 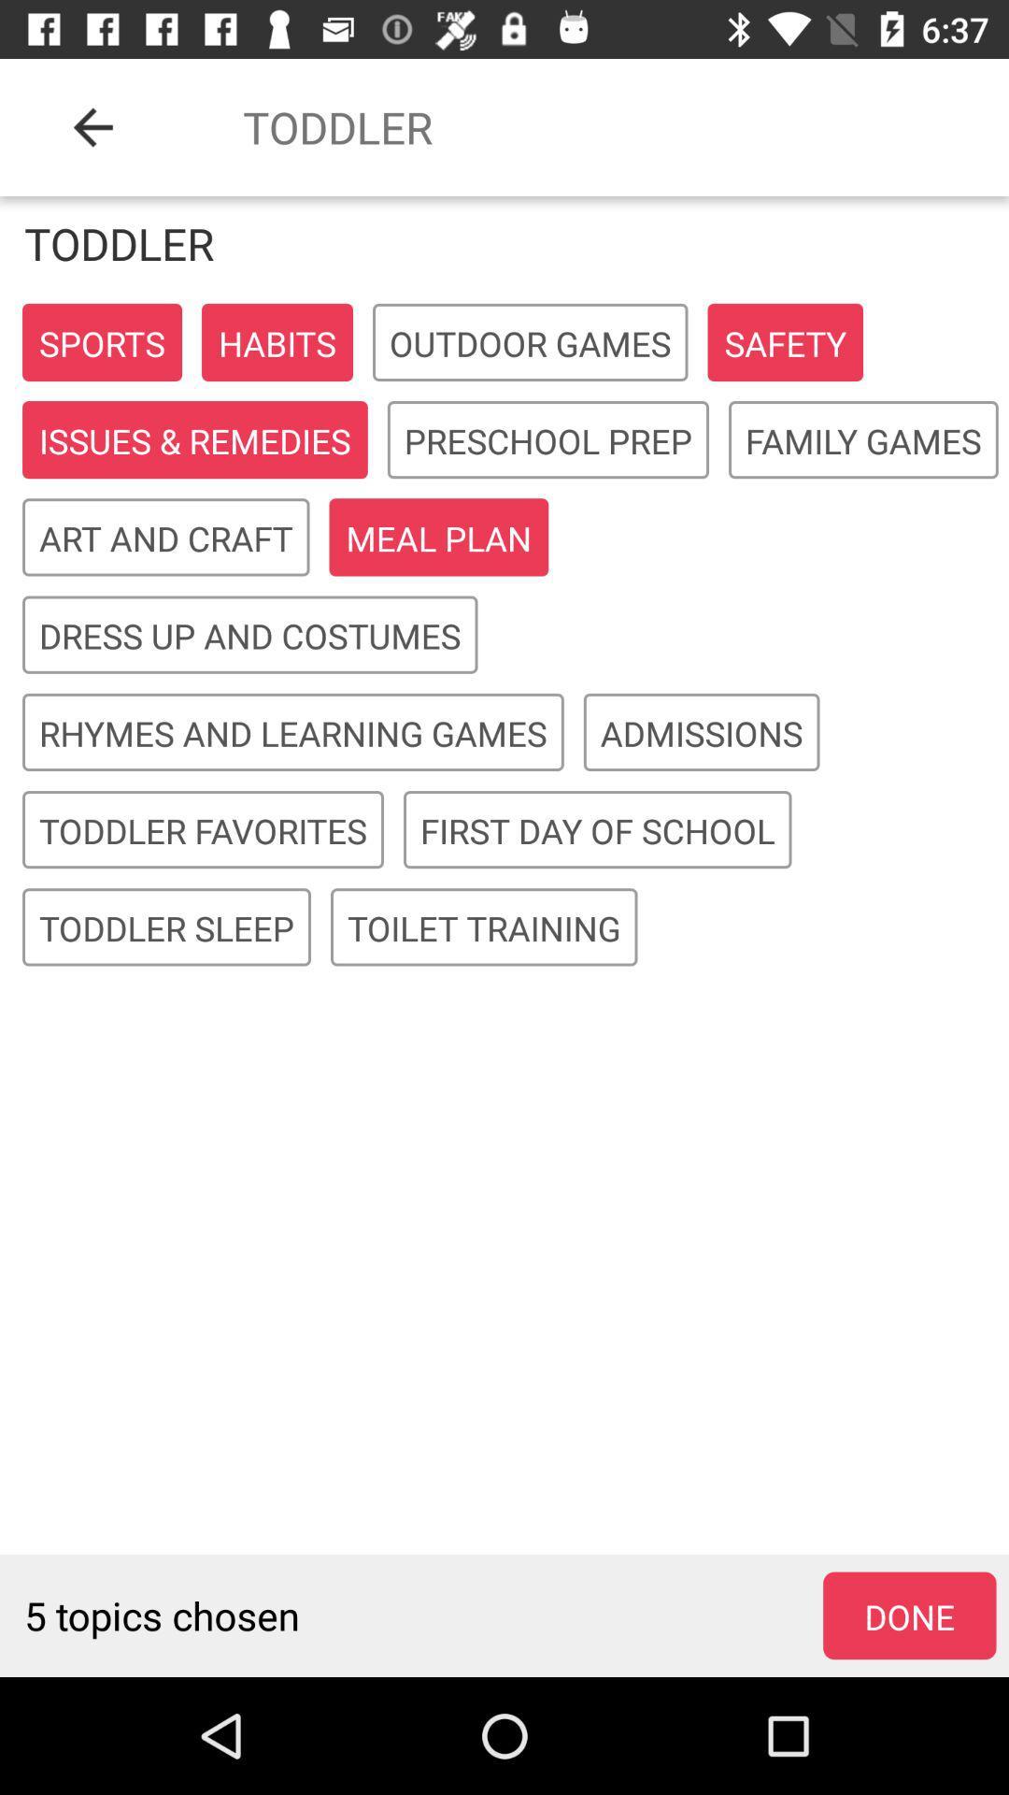 What do you see at coordinates (530, 343) in the screenshot?
I see `the item next to safety item` at bounding box center [530, 343].